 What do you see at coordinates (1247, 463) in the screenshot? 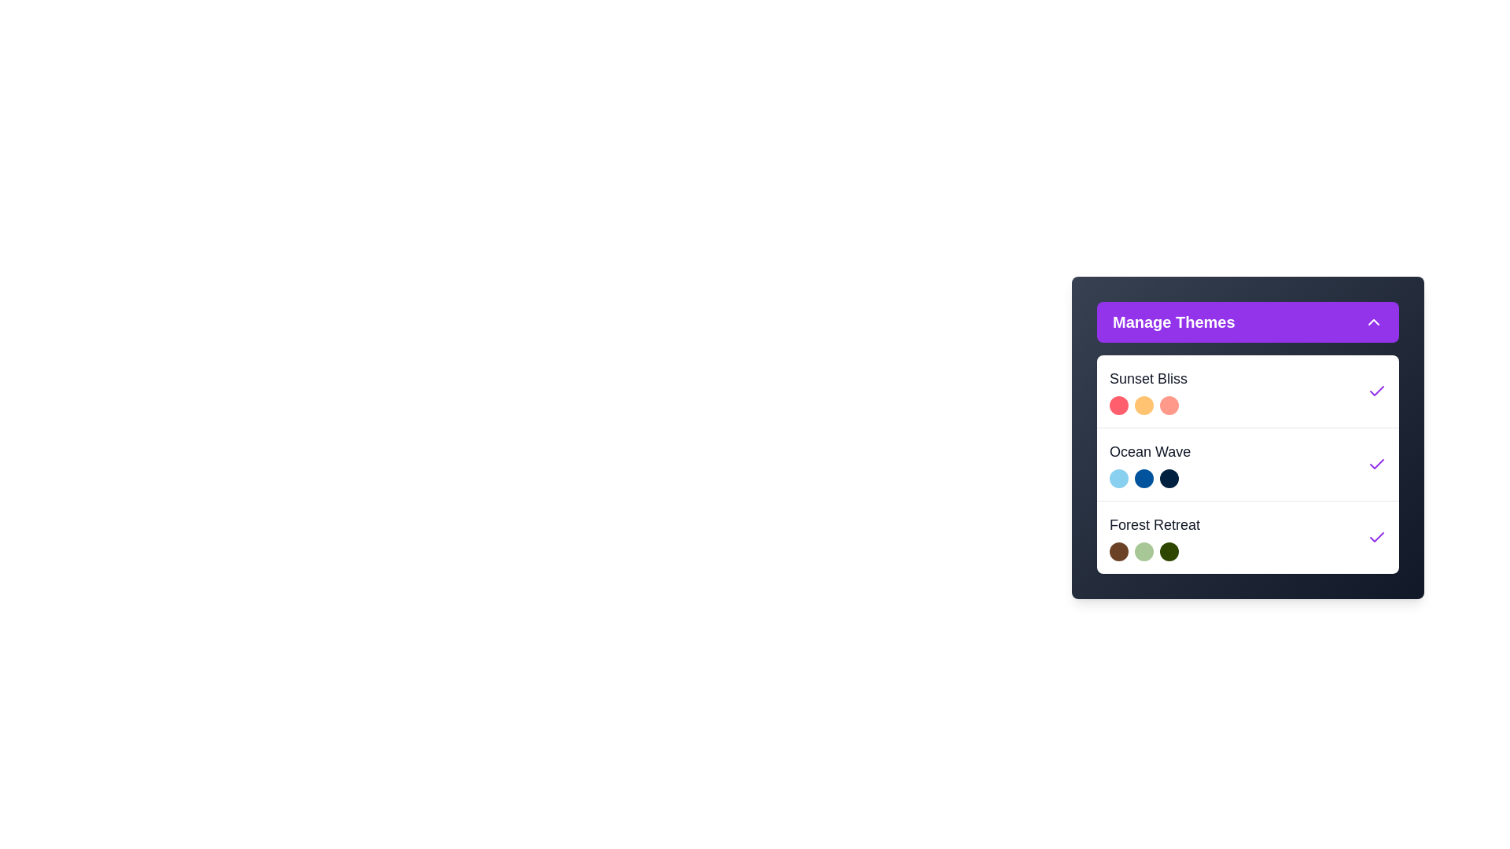
I see `the theme Ocean Wave to highlight it` at bounding box center [1247, 463].